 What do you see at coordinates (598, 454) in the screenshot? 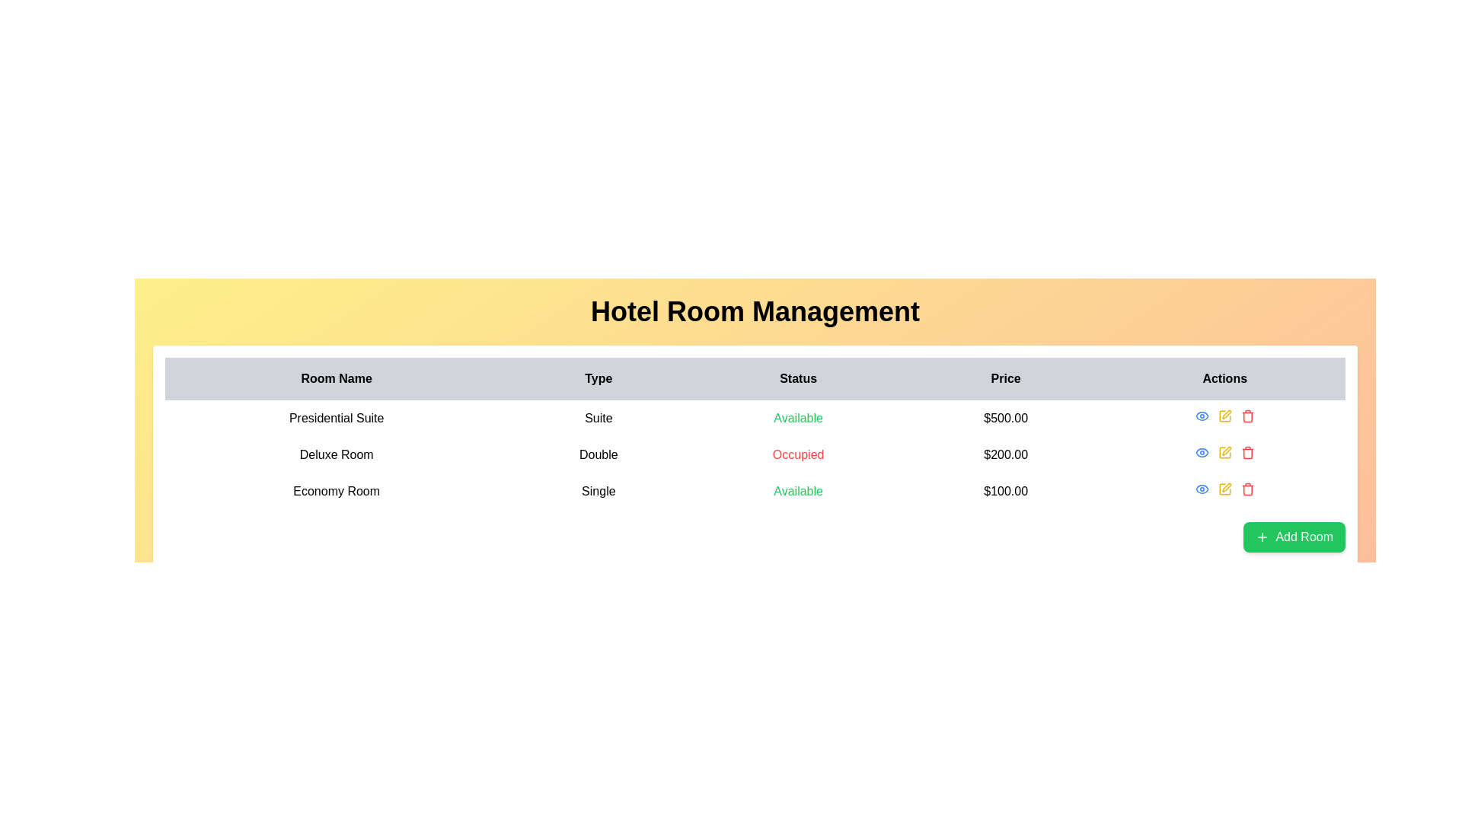
I see `the text label displaying 'Double' under the 'Type' column in the row for 'Deluxe Room'` at bounding box center [598, 454].